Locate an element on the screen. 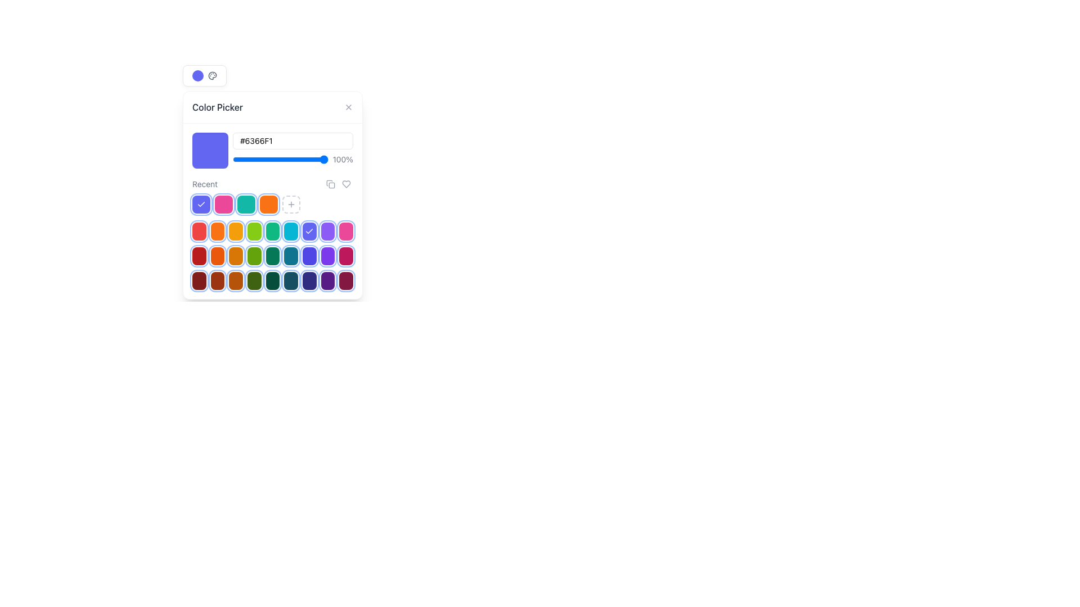 The width and height of the screenshot is (1080, 607). the third button in the horizontal row of color selection buttons in the 'Color Picker' panel to observe the hover effect is located at coordinates (235, 280).